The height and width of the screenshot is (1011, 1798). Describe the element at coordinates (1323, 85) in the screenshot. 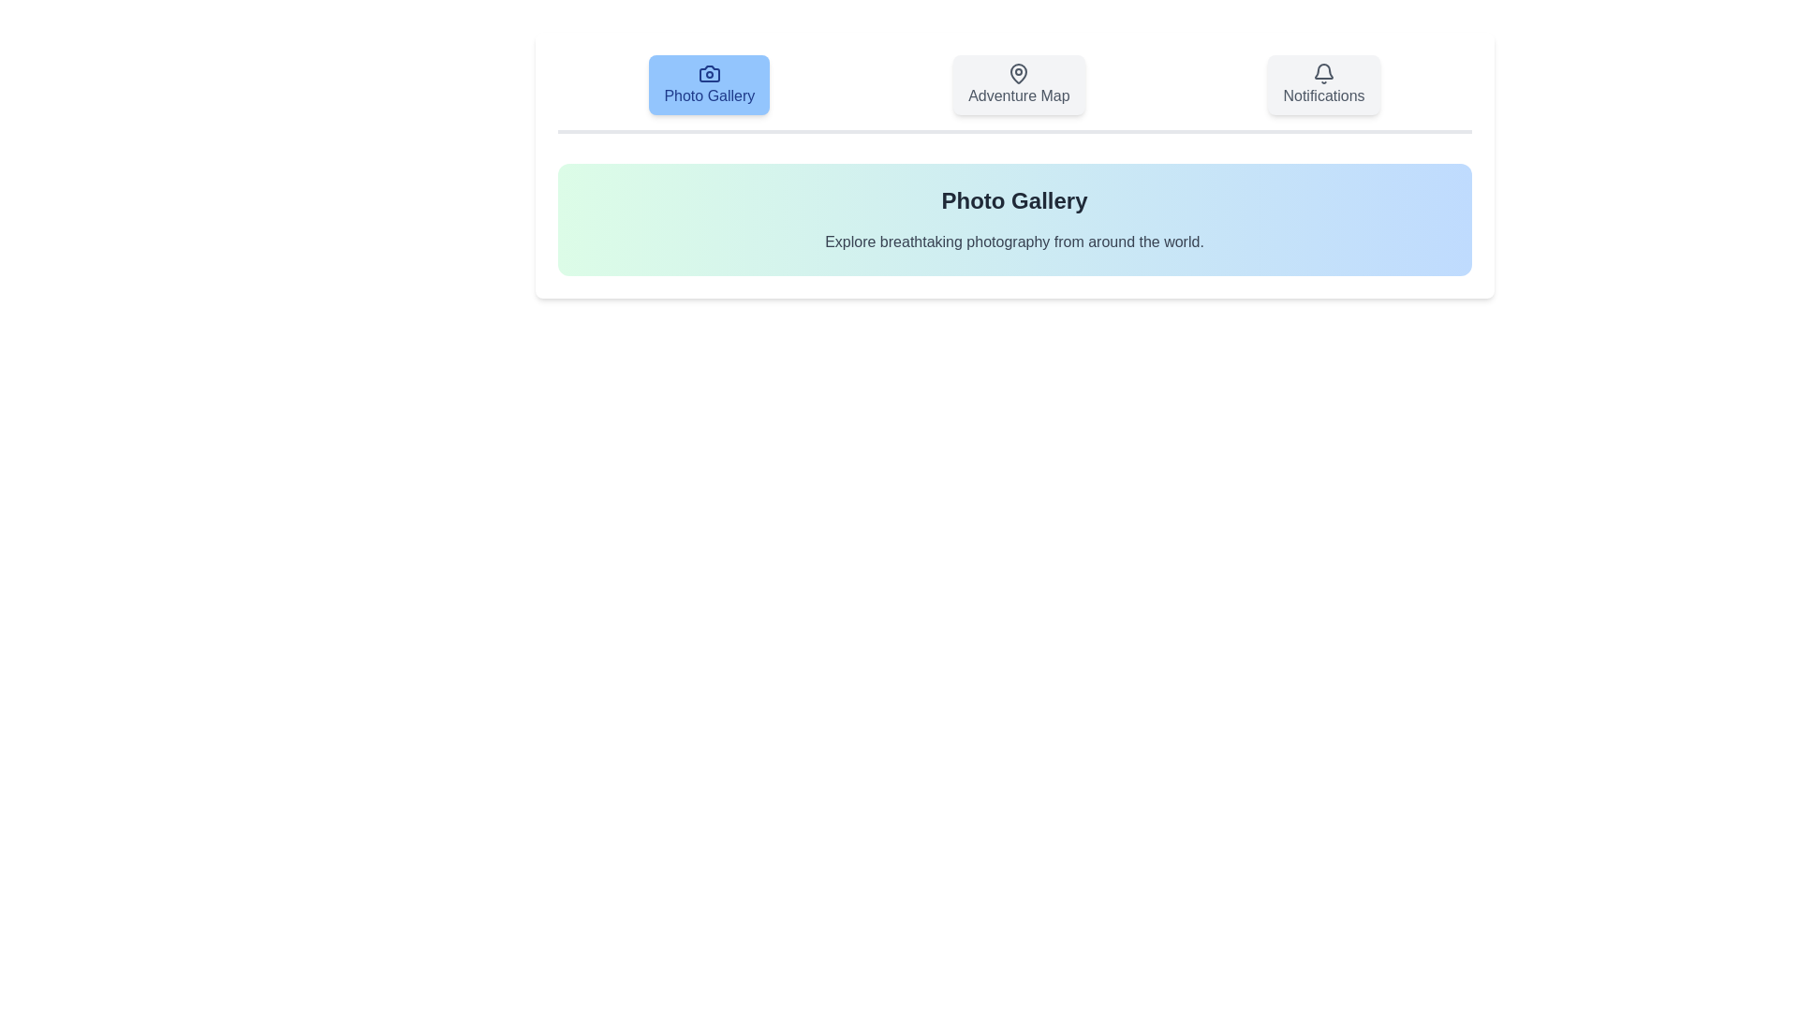

I see `the tab labeled Notifications` at that location.